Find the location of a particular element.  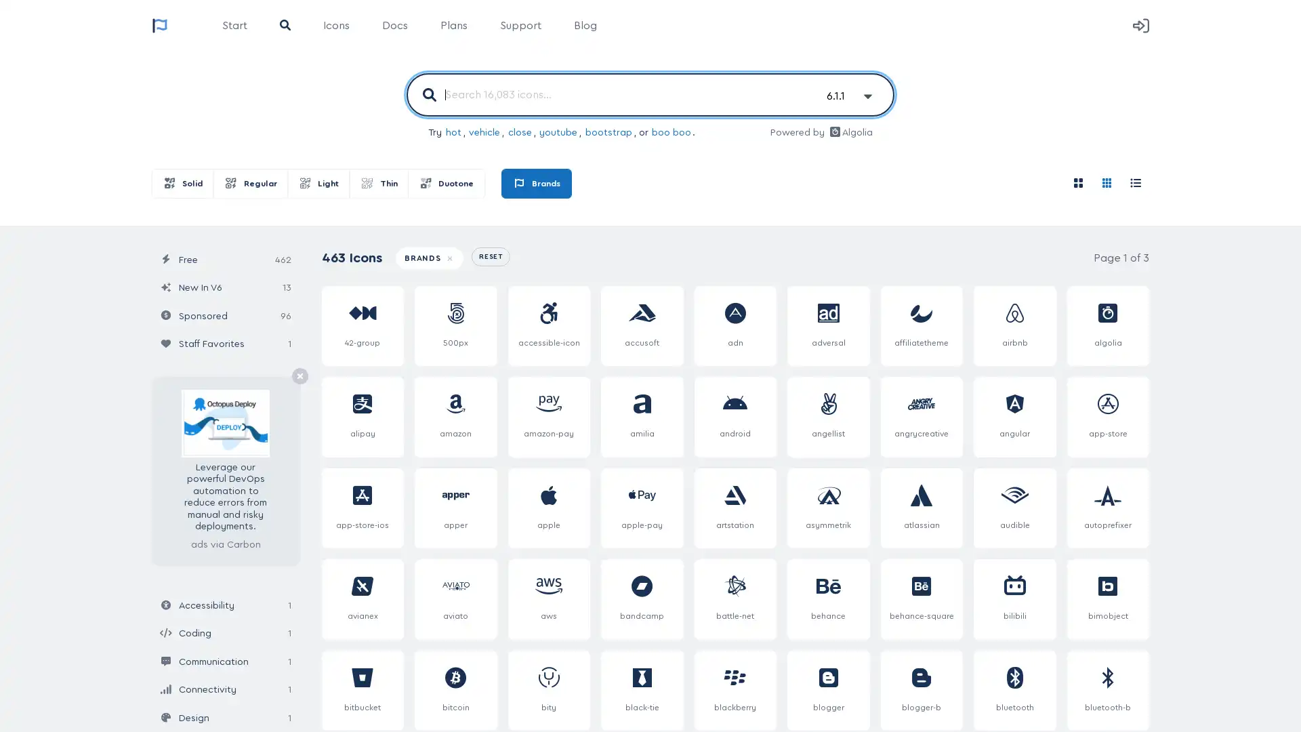

Roomy is located at coordinates (1057, 188).